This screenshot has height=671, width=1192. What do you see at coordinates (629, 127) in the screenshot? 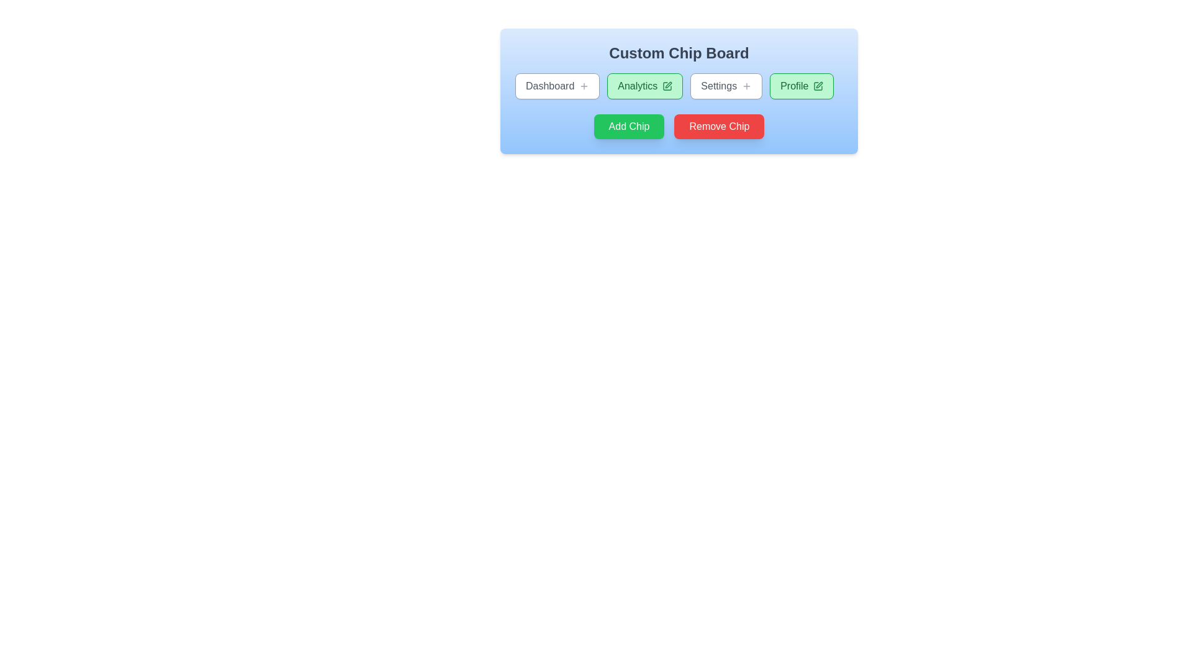
I see `'Add Chip' button to add a new chip` at bounding box center [629, 127].